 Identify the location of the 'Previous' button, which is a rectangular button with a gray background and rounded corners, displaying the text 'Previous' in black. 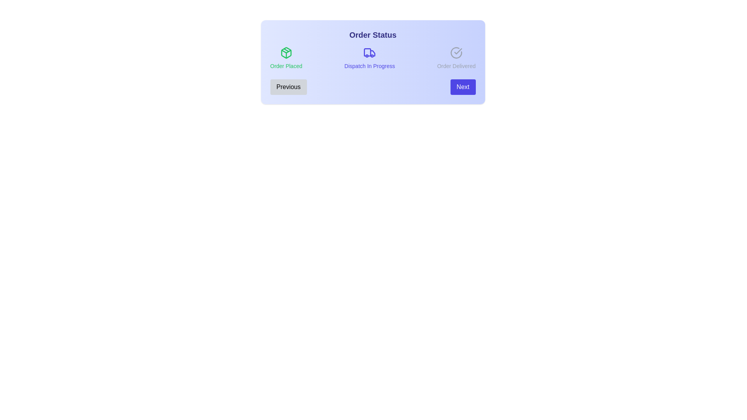
(288, 87).